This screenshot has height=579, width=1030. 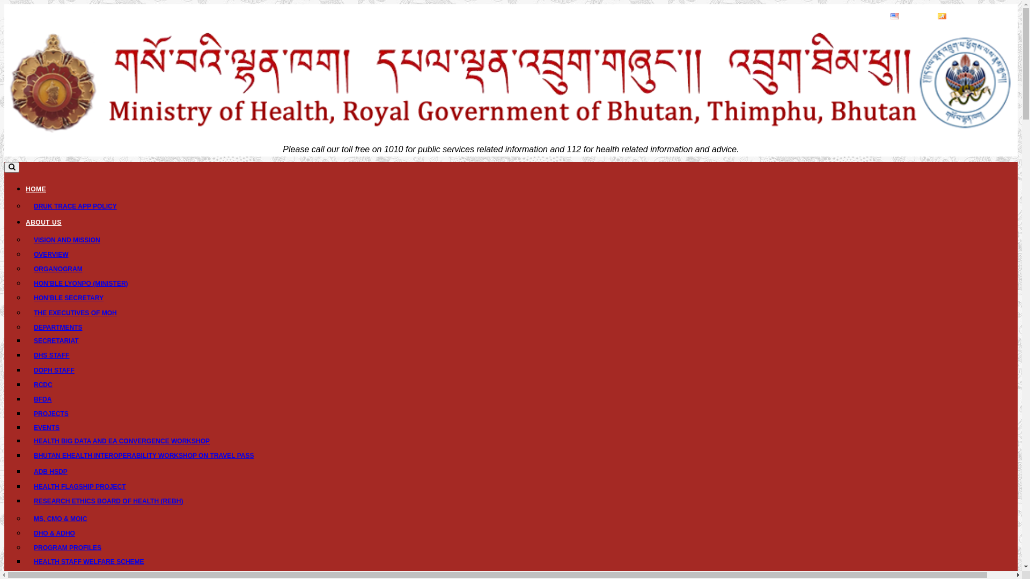 What do you see at coordinates (56, 413) in the screenshot?
I see `'PROJECTS'` at bounding box center [56, 413].